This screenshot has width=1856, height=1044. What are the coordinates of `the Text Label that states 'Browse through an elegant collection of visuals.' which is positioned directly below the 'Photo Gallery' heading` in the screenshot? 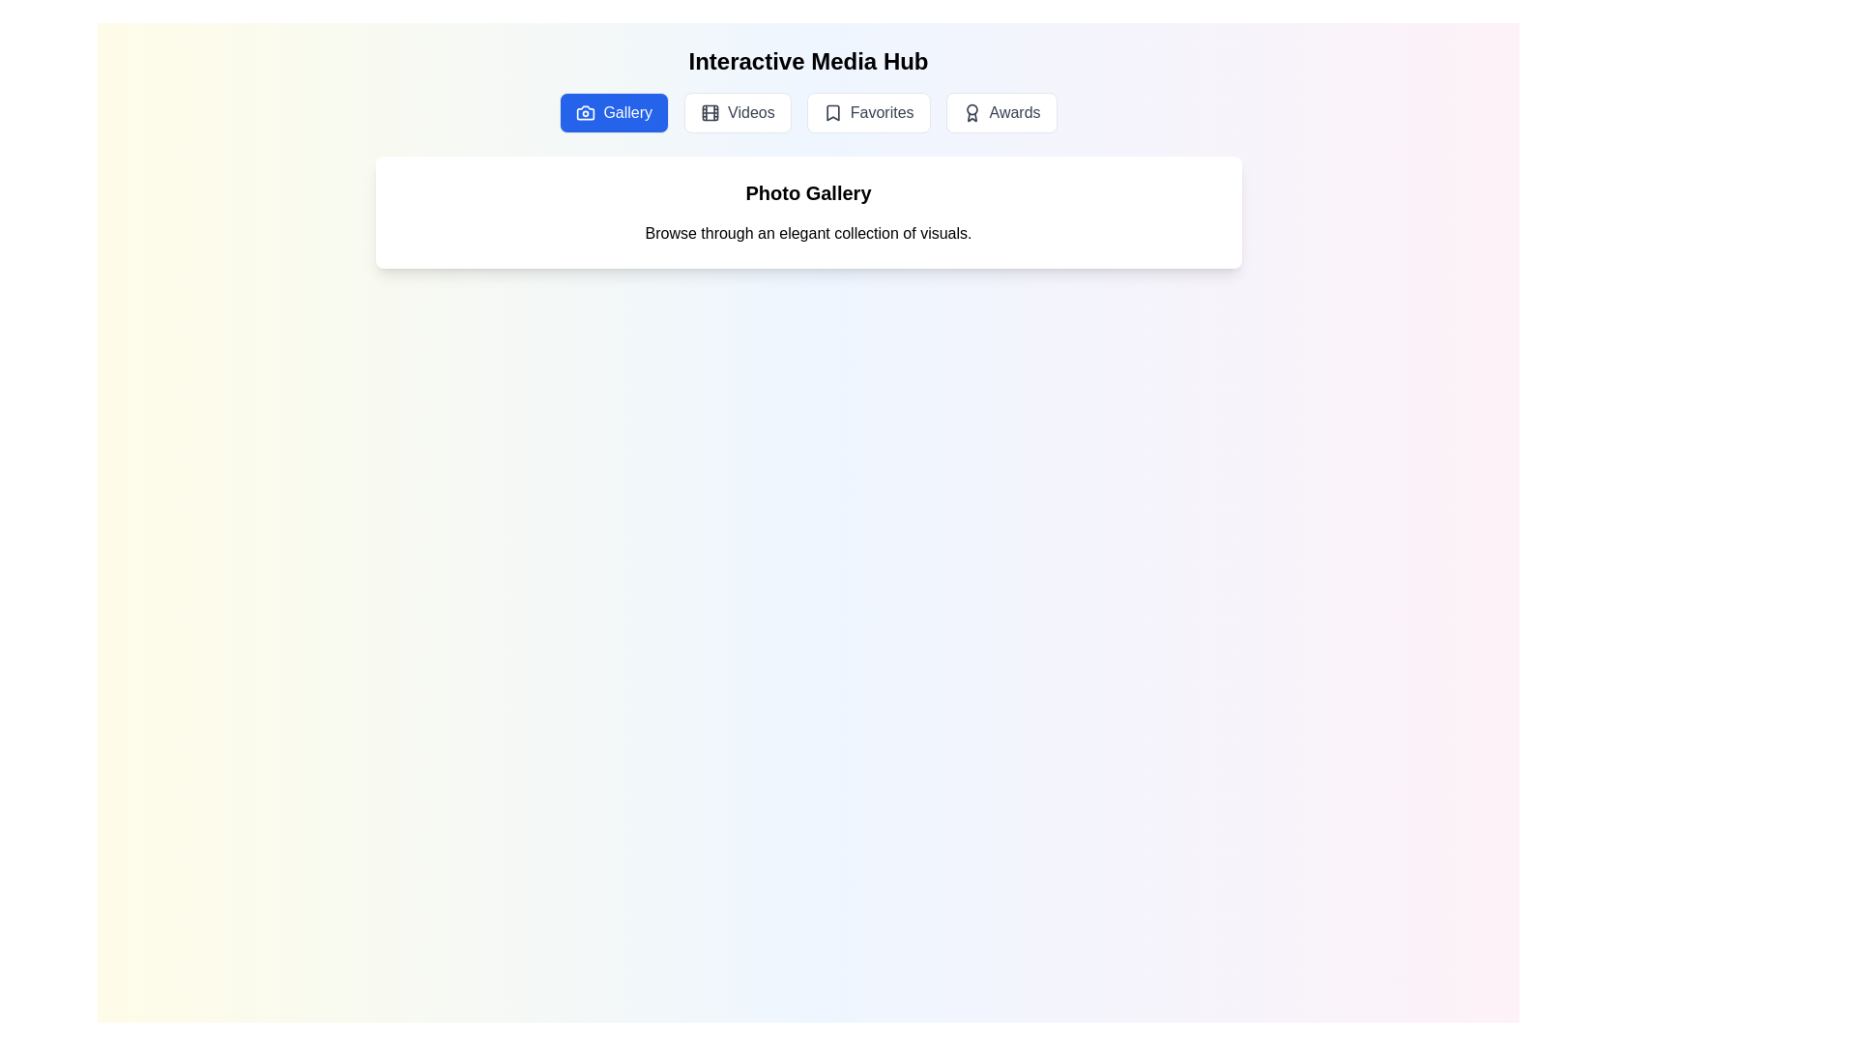 It's located at (808, 233).